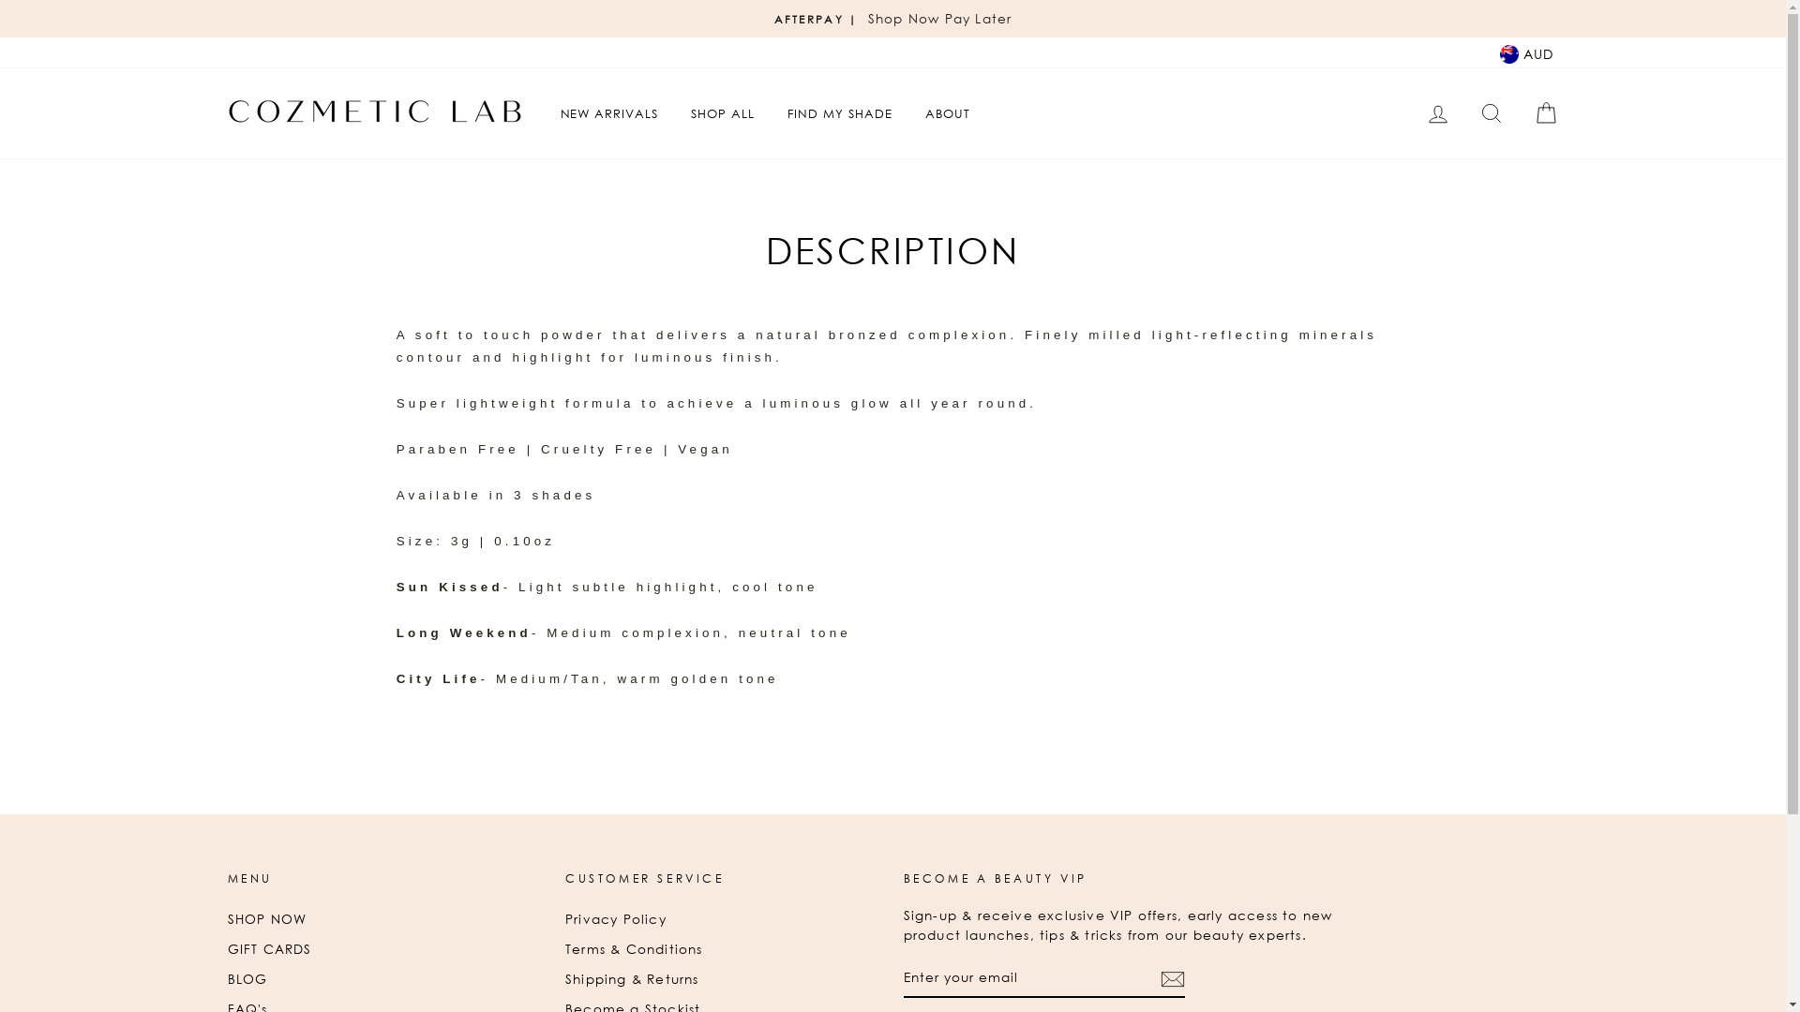  Describe the element at coordinates (608, 112) in the screenshot. I see `'NEW ARRIVALS'` at that location.